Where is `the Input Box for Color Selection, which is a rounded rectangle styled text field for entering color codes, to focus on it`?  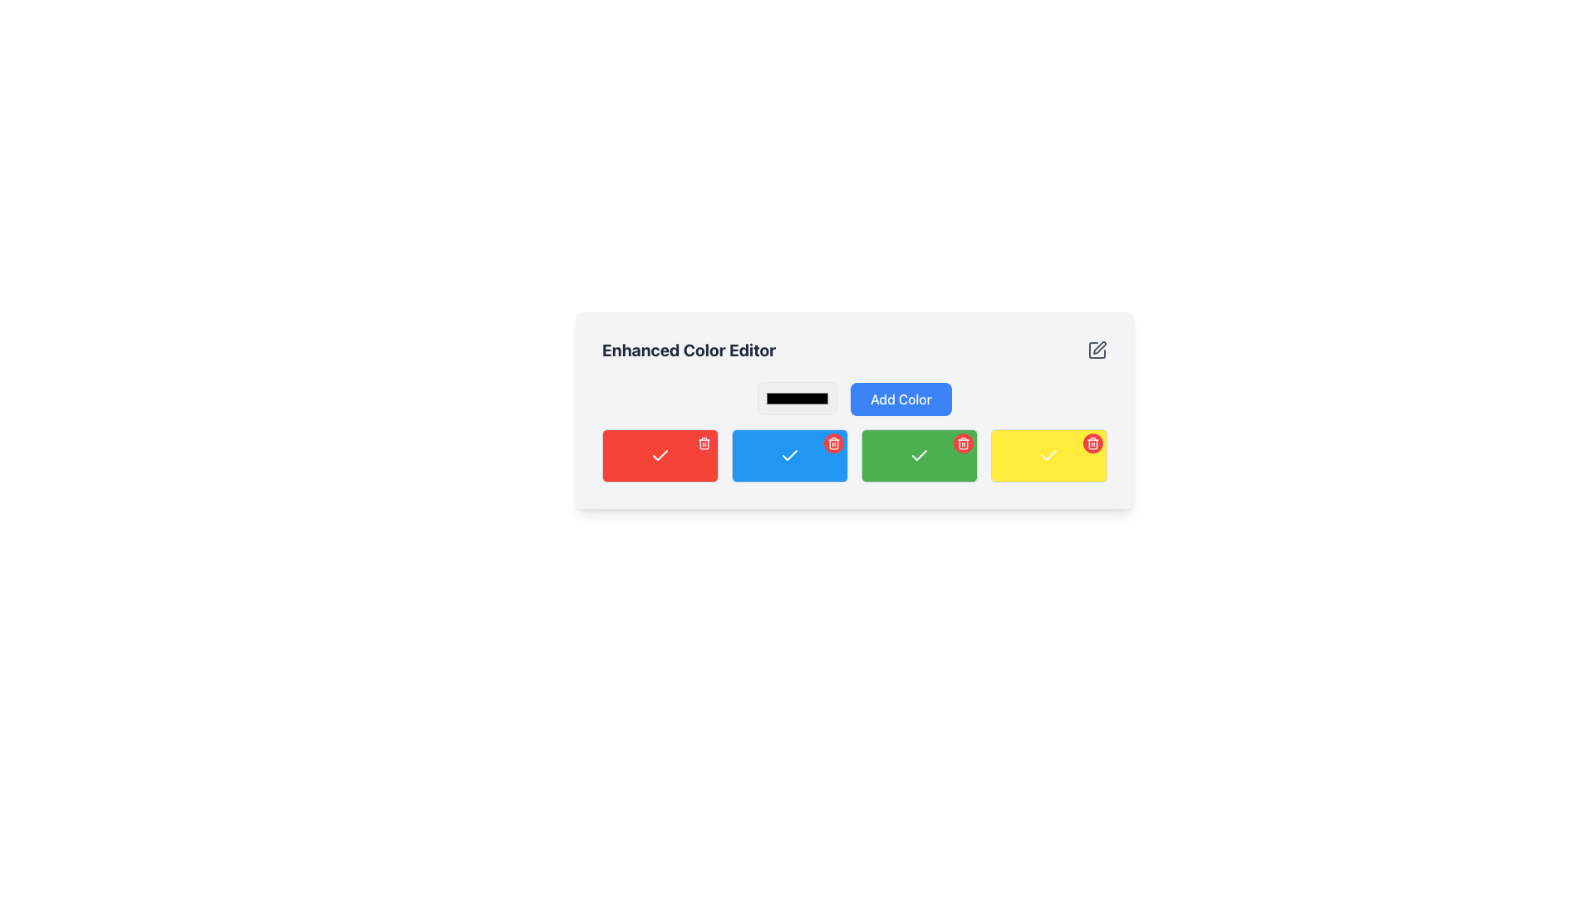 the Input Box for Color Selection, which is a rounded rectangle styled text field for entering color codes, to focus on it is located at coordinates (797, 398).